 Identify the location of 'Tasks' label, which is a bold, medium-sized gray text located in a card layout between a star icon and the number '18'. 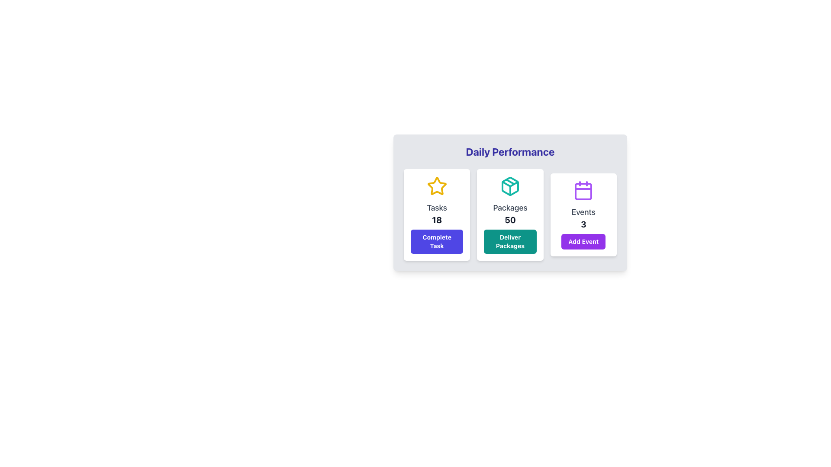
(437, 208).